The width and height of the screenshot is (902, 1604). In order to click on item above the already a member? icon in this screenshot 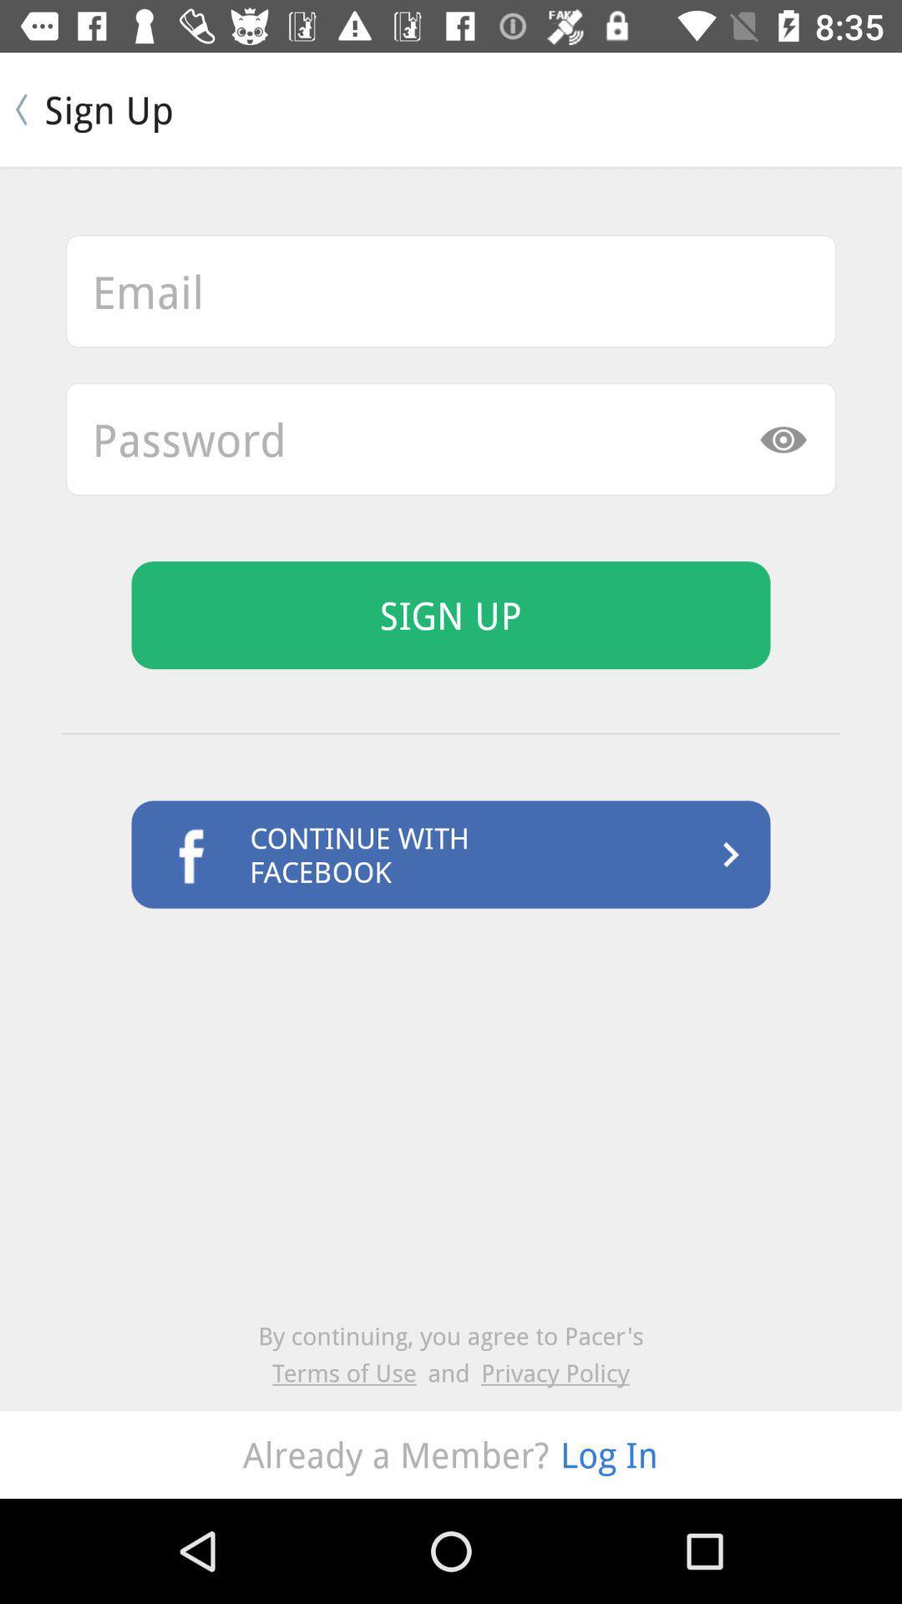, I will do `click(555, 1373)`.